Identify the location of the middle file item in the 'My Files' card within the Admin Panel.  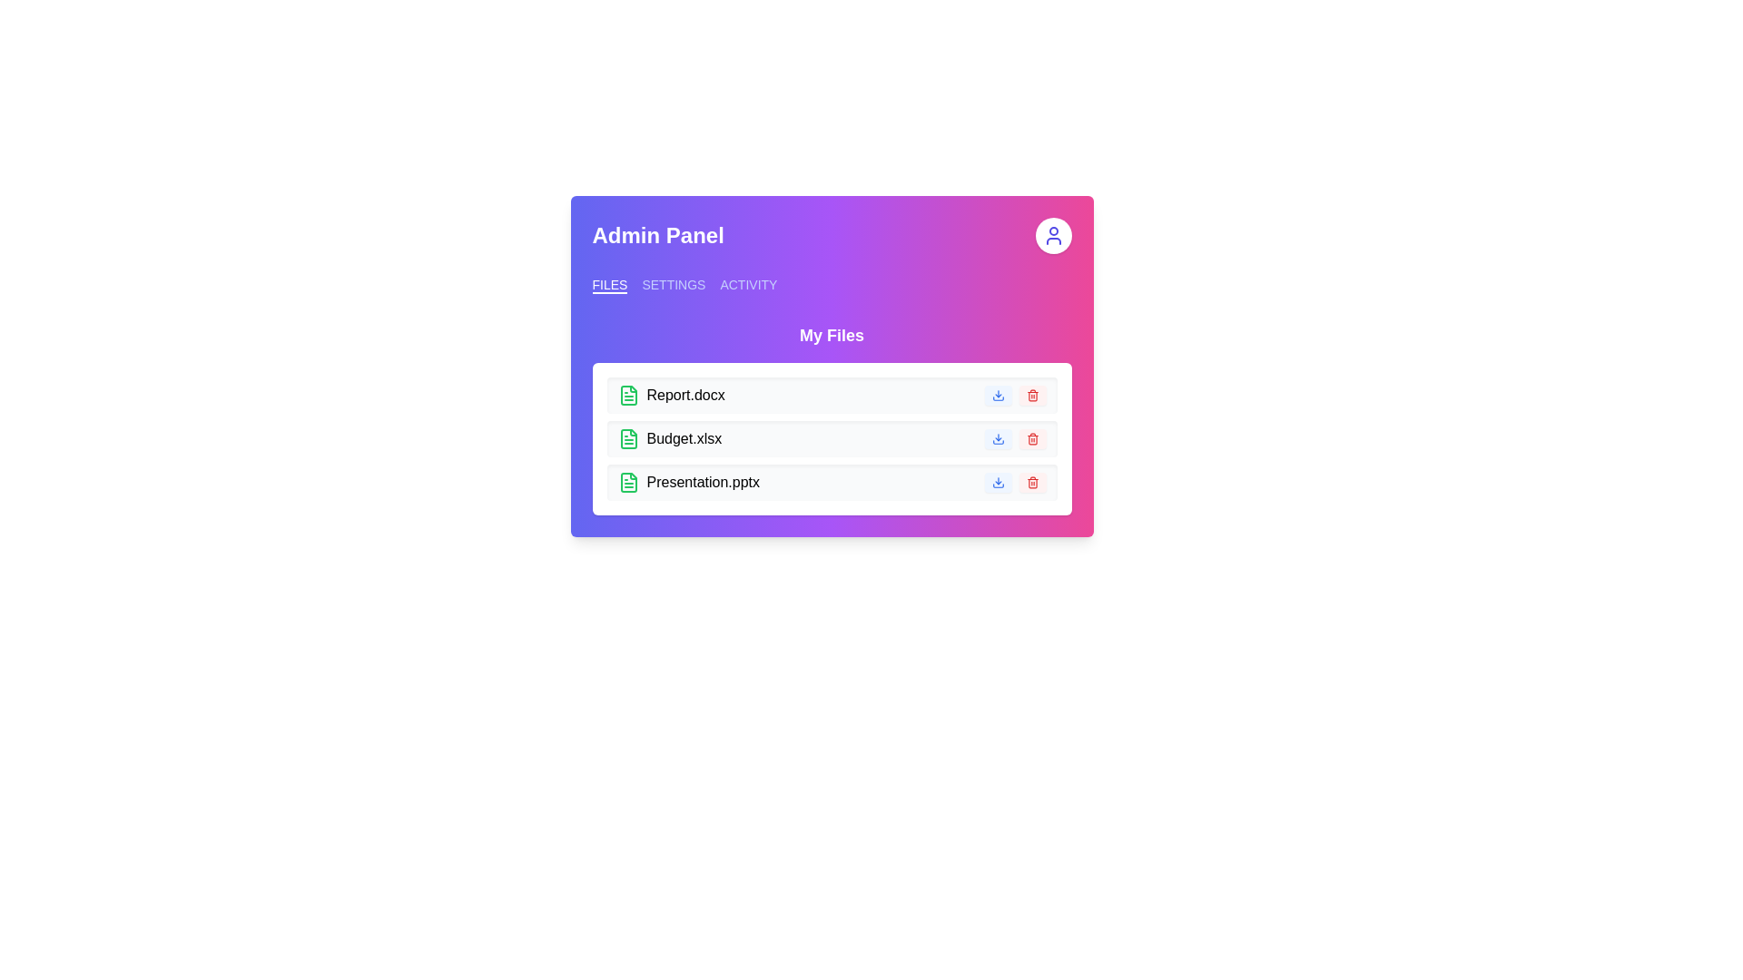
(831, 438).